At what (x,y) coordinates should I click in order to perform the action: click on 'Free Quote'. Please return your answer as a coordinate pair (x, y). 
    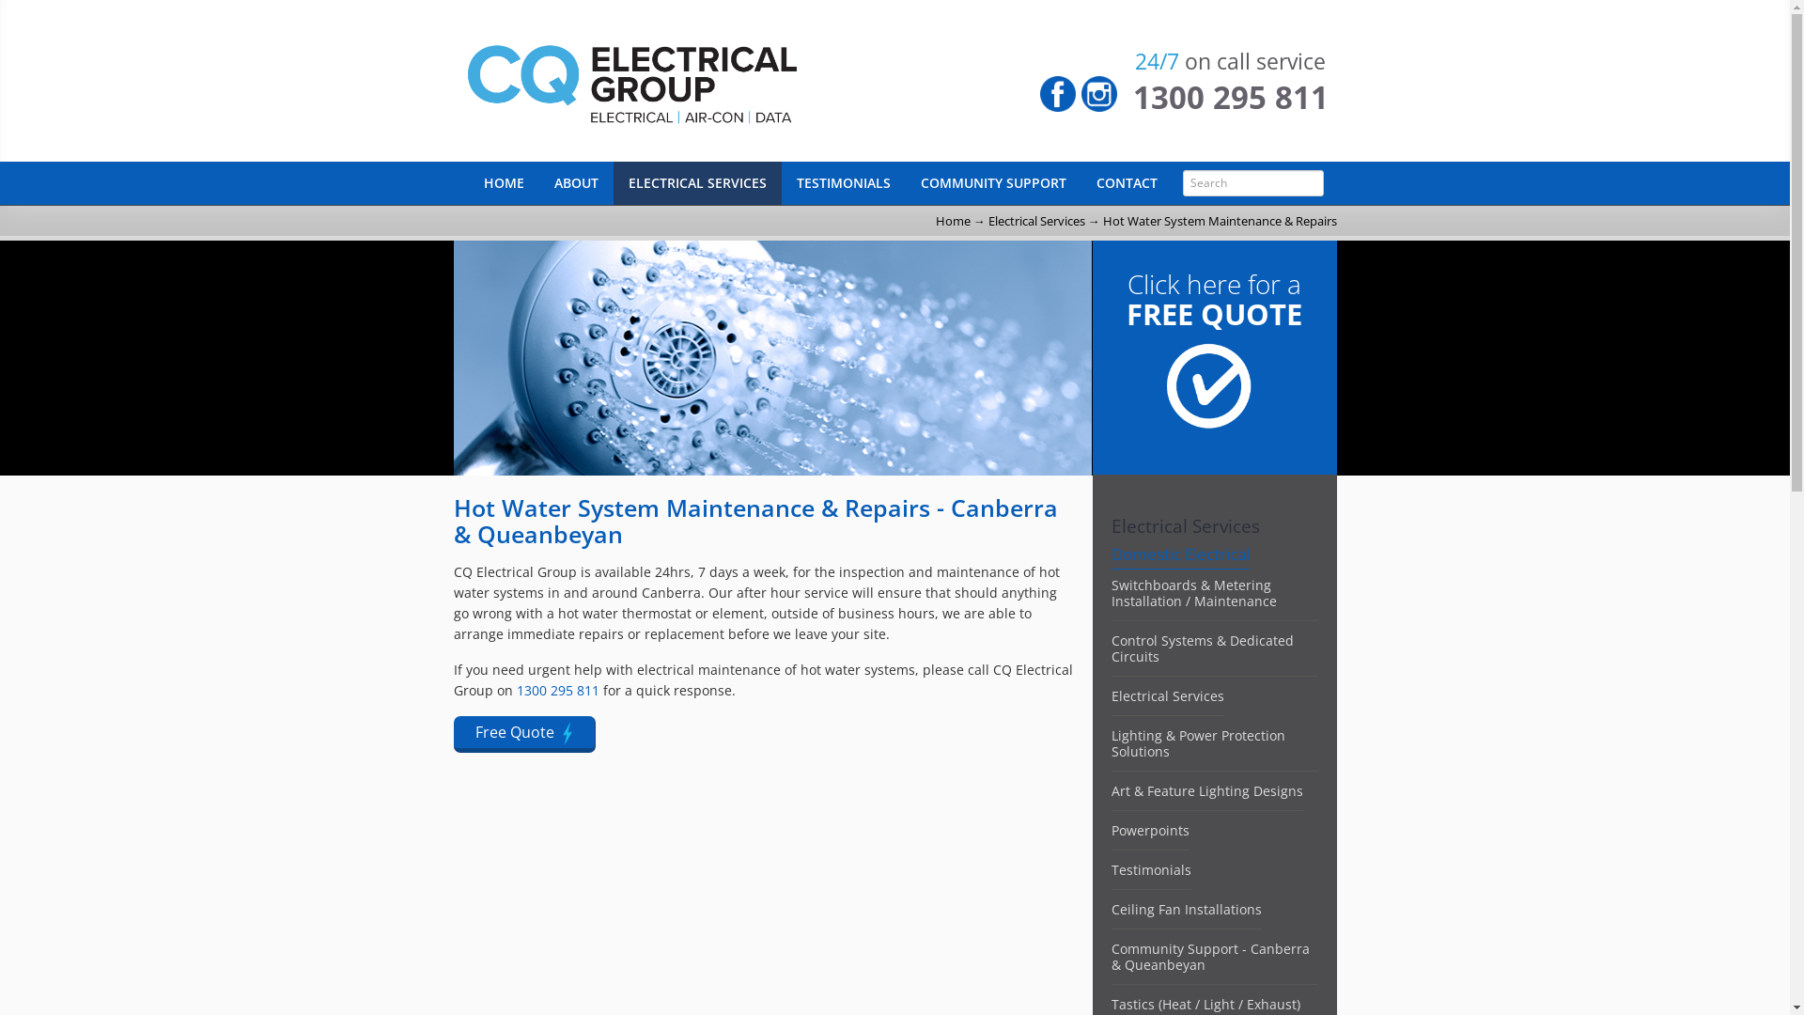
    Looking at the image, I should click on (523, 733).